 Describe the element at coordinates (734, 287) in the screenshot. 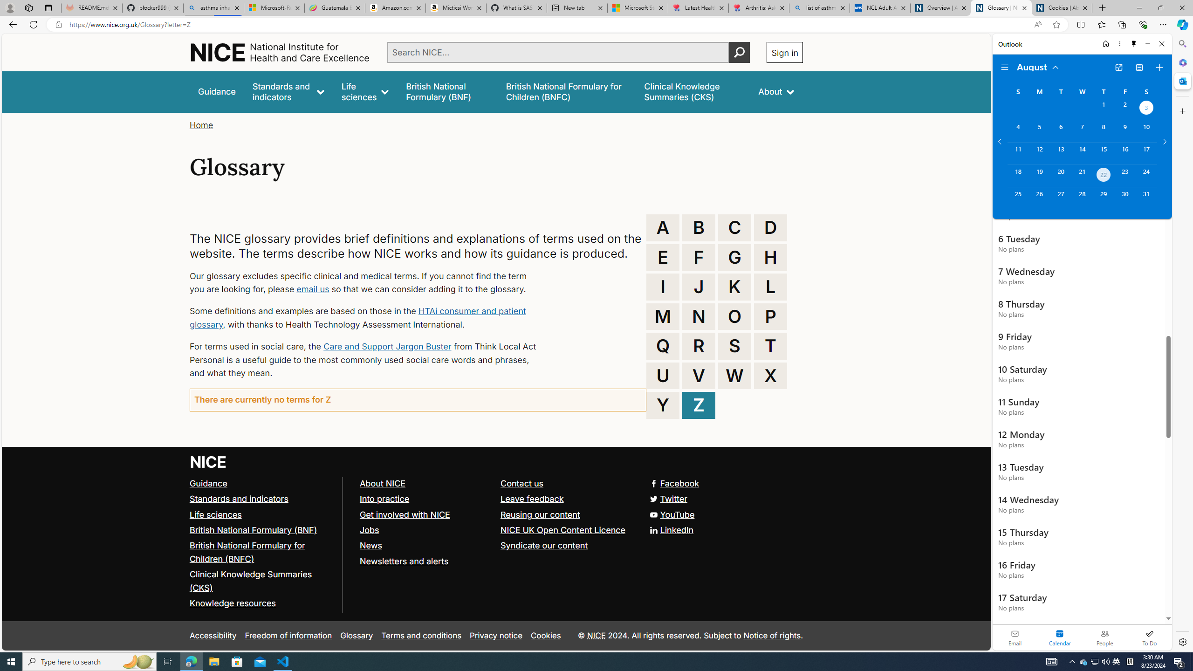

I see `'K'` at that location.